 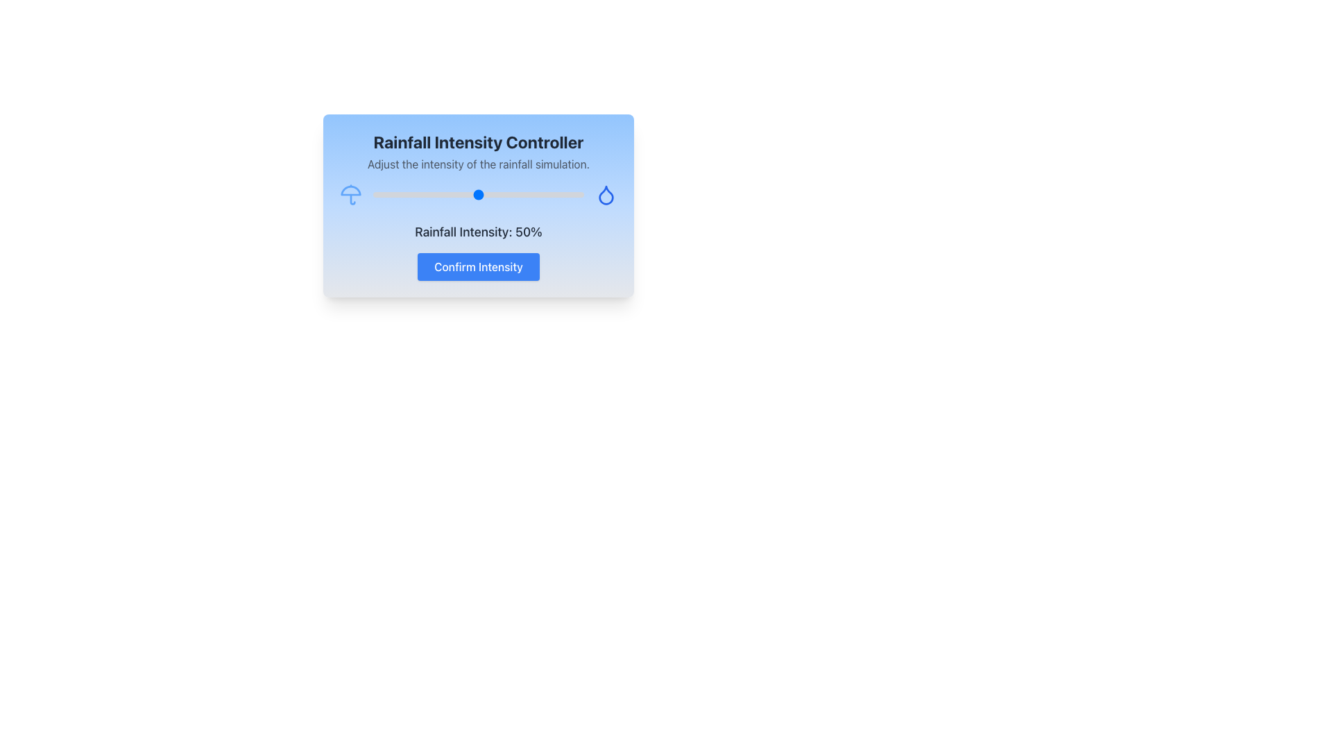 I want to click on the rainfall intensity, so click(x=440, y=195).